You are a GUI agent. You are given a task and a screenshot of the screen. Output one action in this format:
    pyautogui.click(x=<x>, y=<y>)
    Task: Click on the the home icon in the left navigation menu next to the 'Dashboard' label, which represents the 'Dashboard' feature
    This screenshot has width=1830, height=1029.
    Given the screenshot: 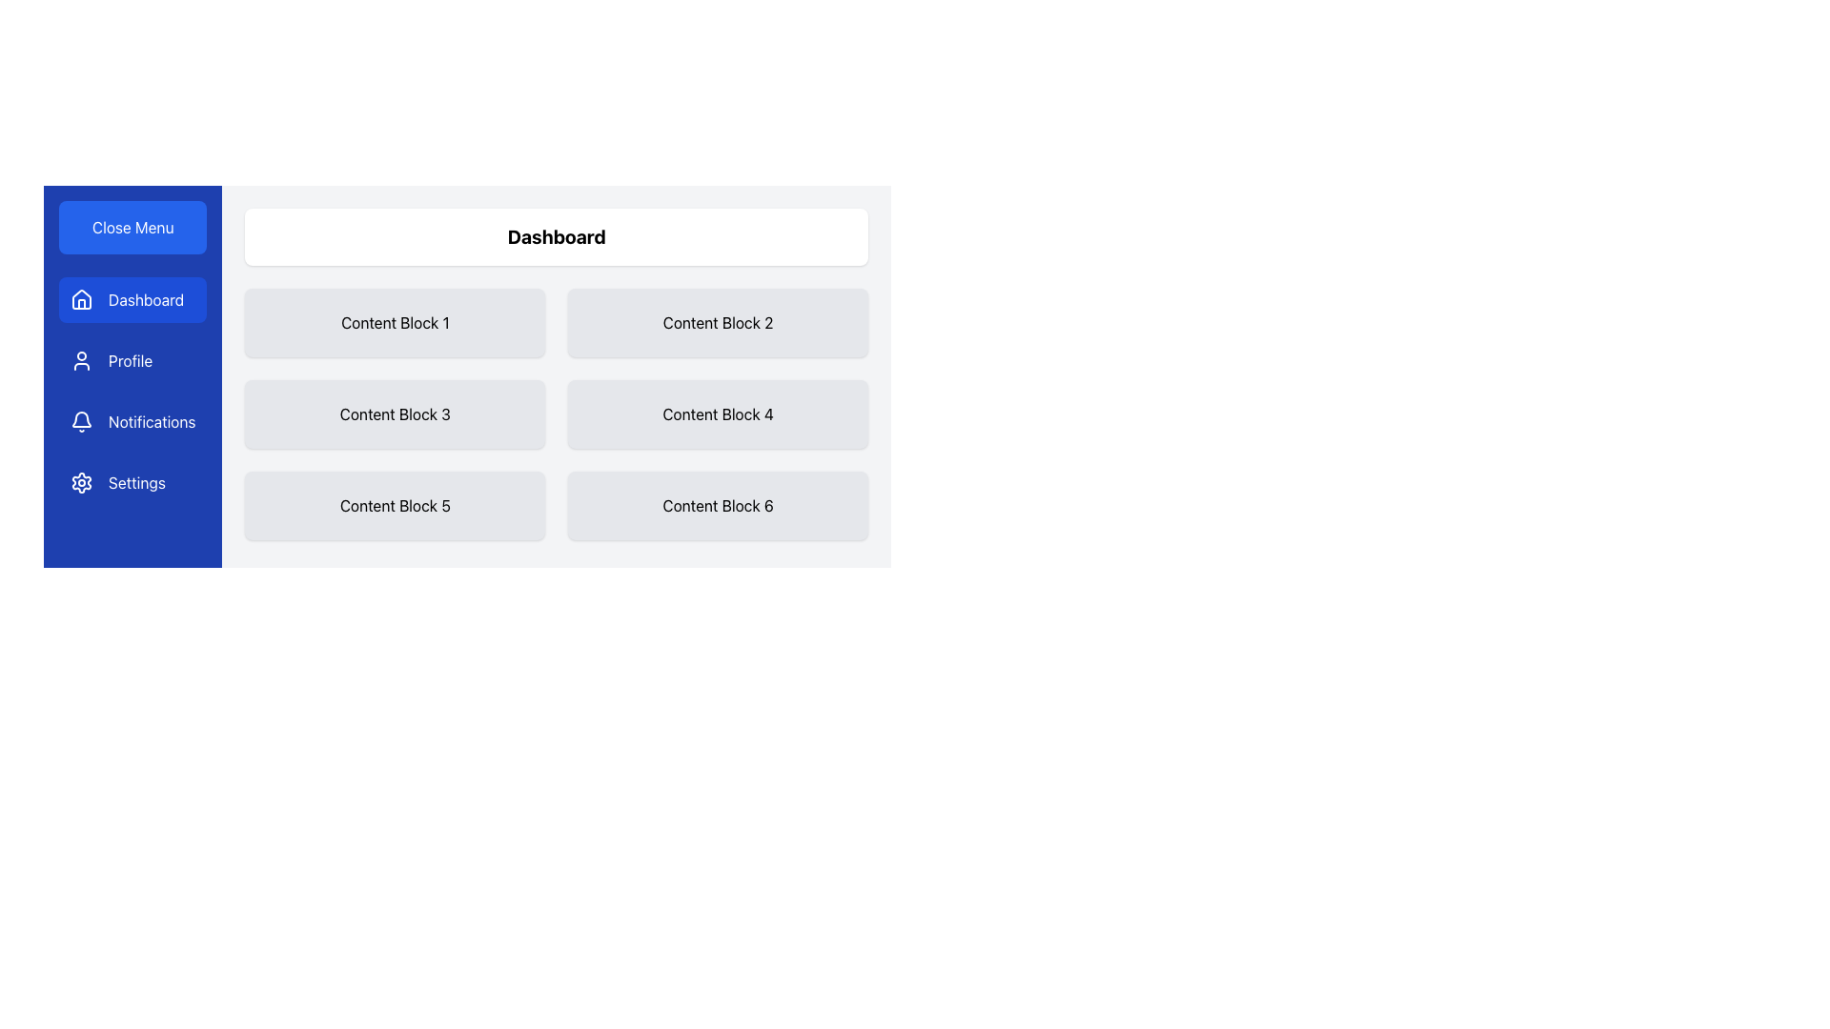 What is the action you would take?
    pyautogui.click(x=81, y=300)
    